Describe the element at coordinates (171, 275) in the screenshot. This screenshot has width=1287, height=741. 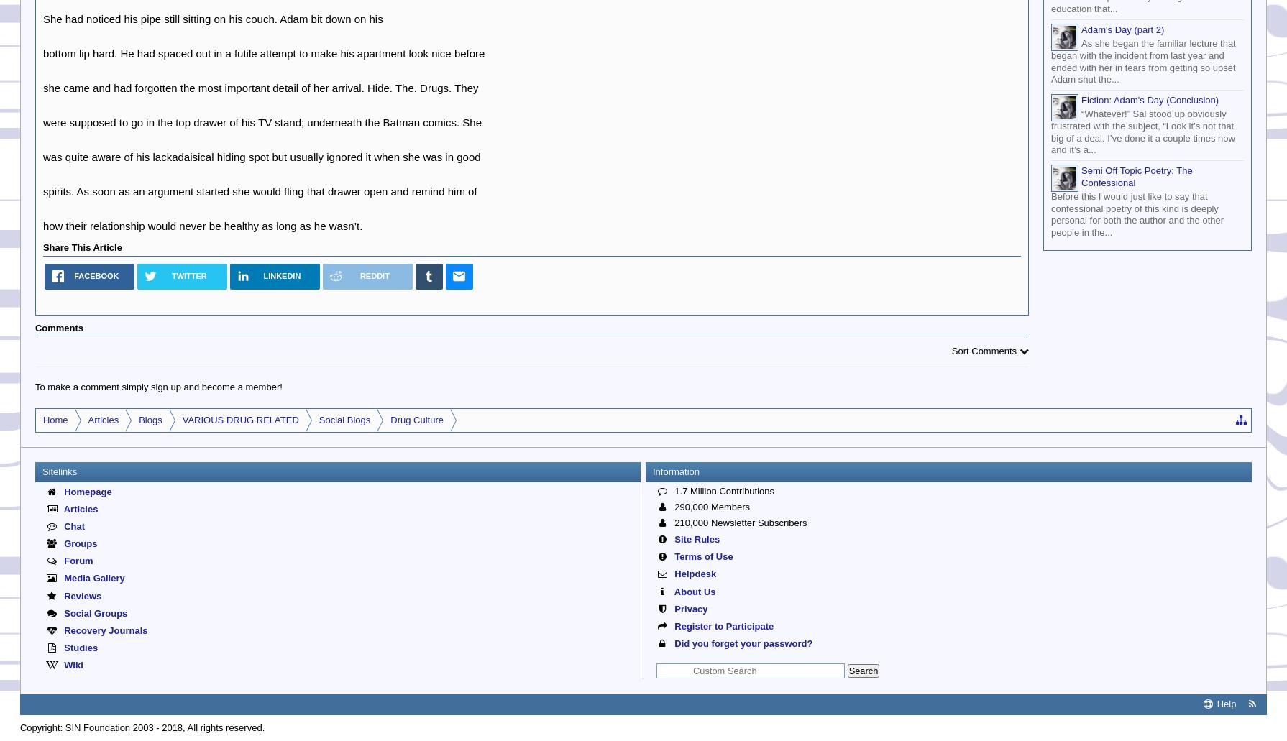
I see `'Twitter'` at that location.